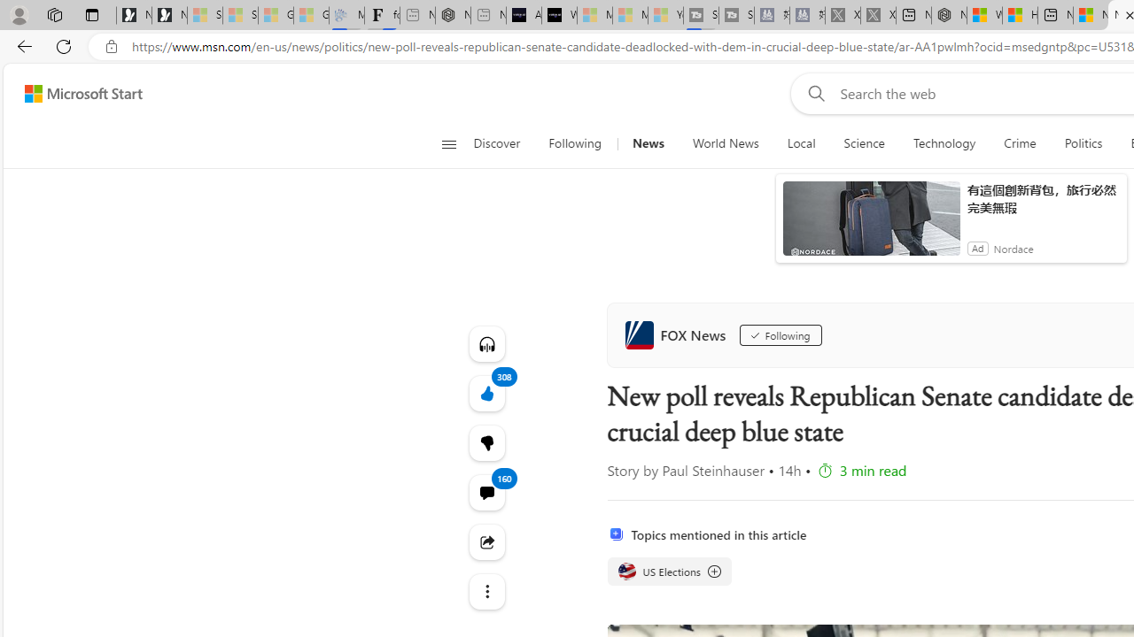  What do you see at coordinates (1020, 143) in the screenshot?
I see `'Crime'` at bounding box center [1020, 143].